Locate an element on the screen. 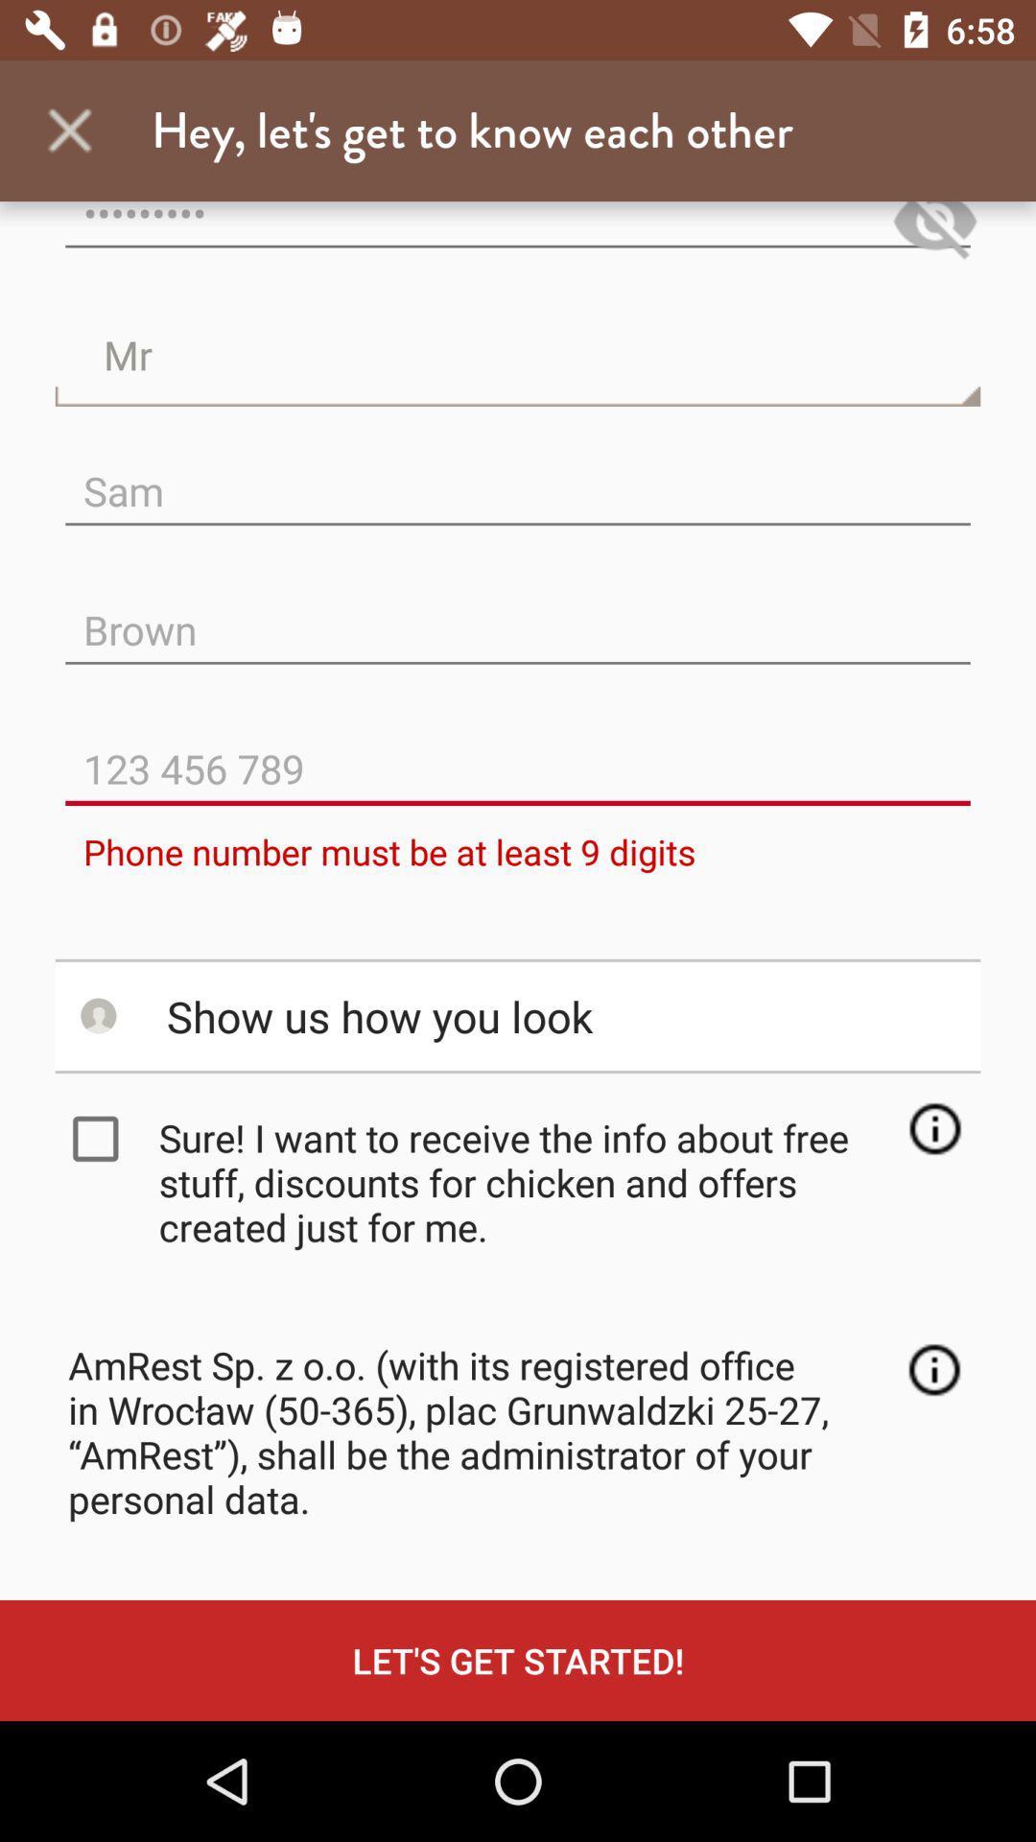 The width and height of the screenshot is (1036, 1842). the info icon is located at coordinates (933, 1128).